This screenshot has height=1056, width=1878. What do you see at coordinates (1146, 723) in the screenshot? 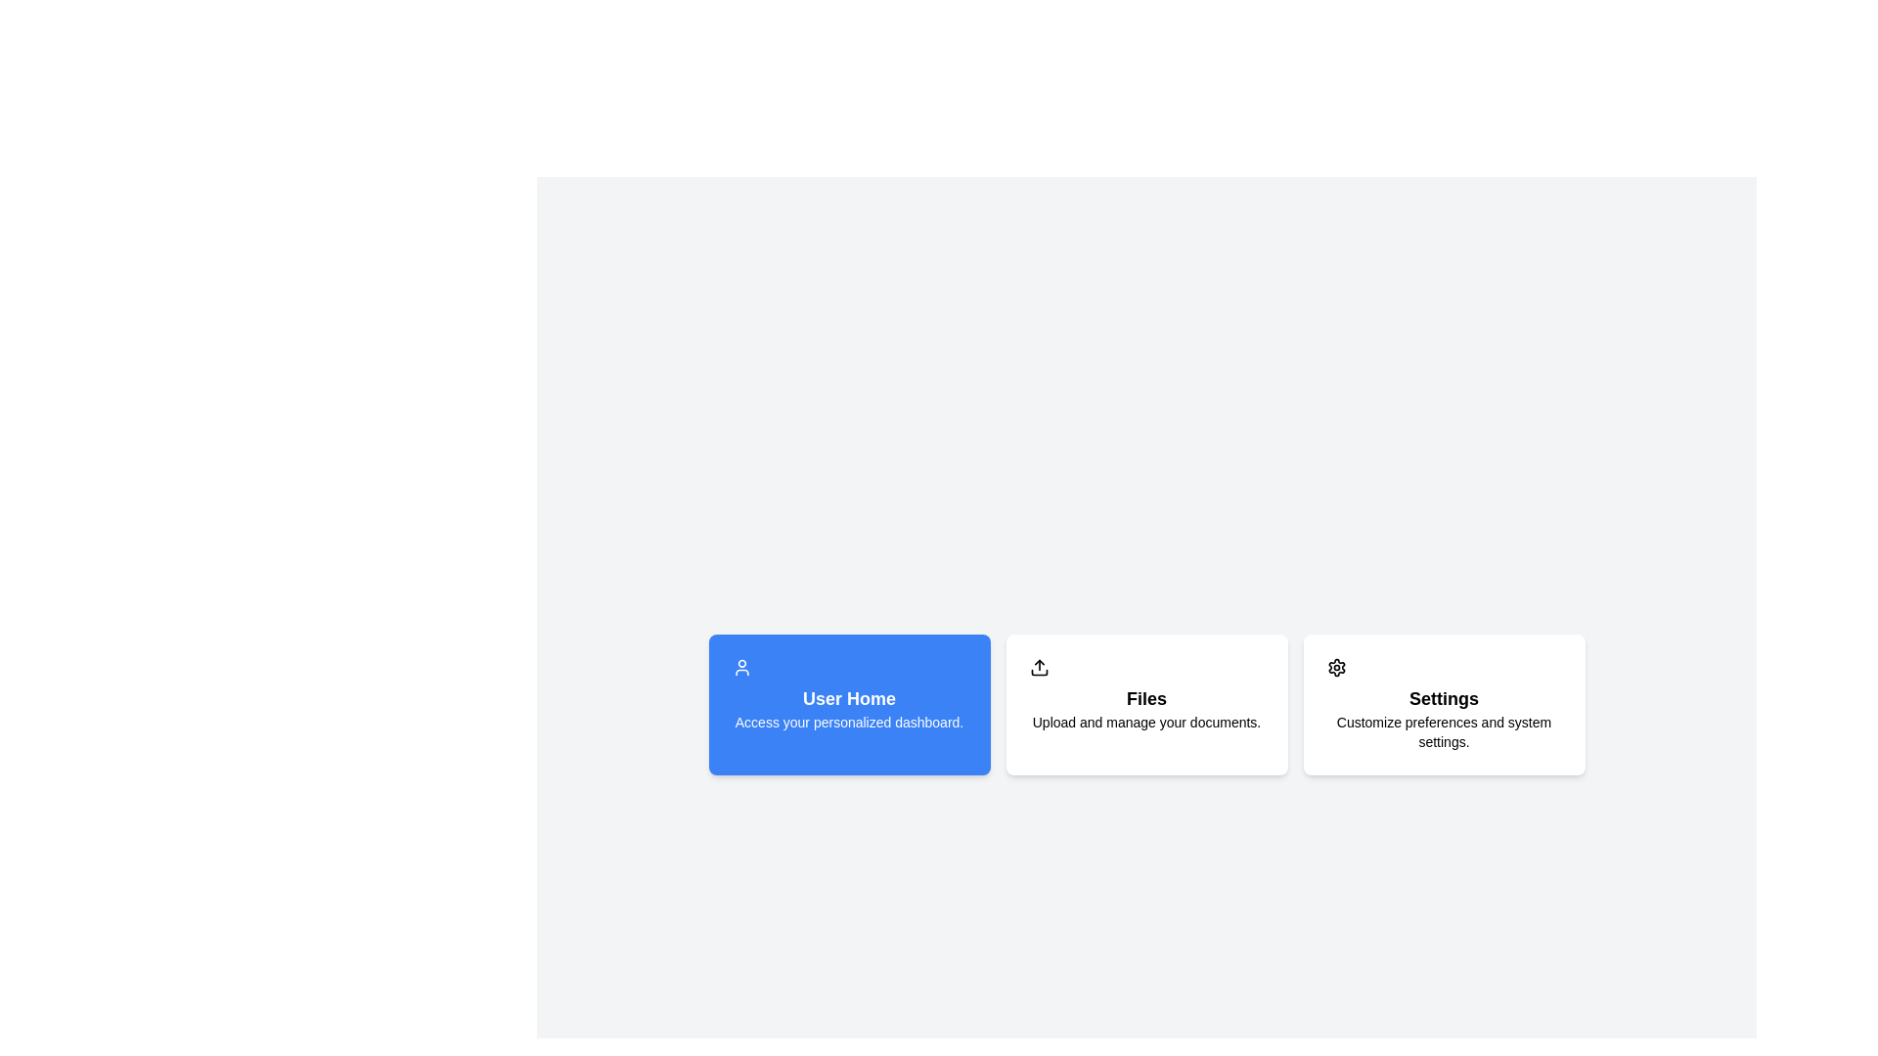
I see `the text label containing the phrase 'Upload and manage your documents.' which is positioned beneath the title 'Files.'` at bounding box center [1146, 723].